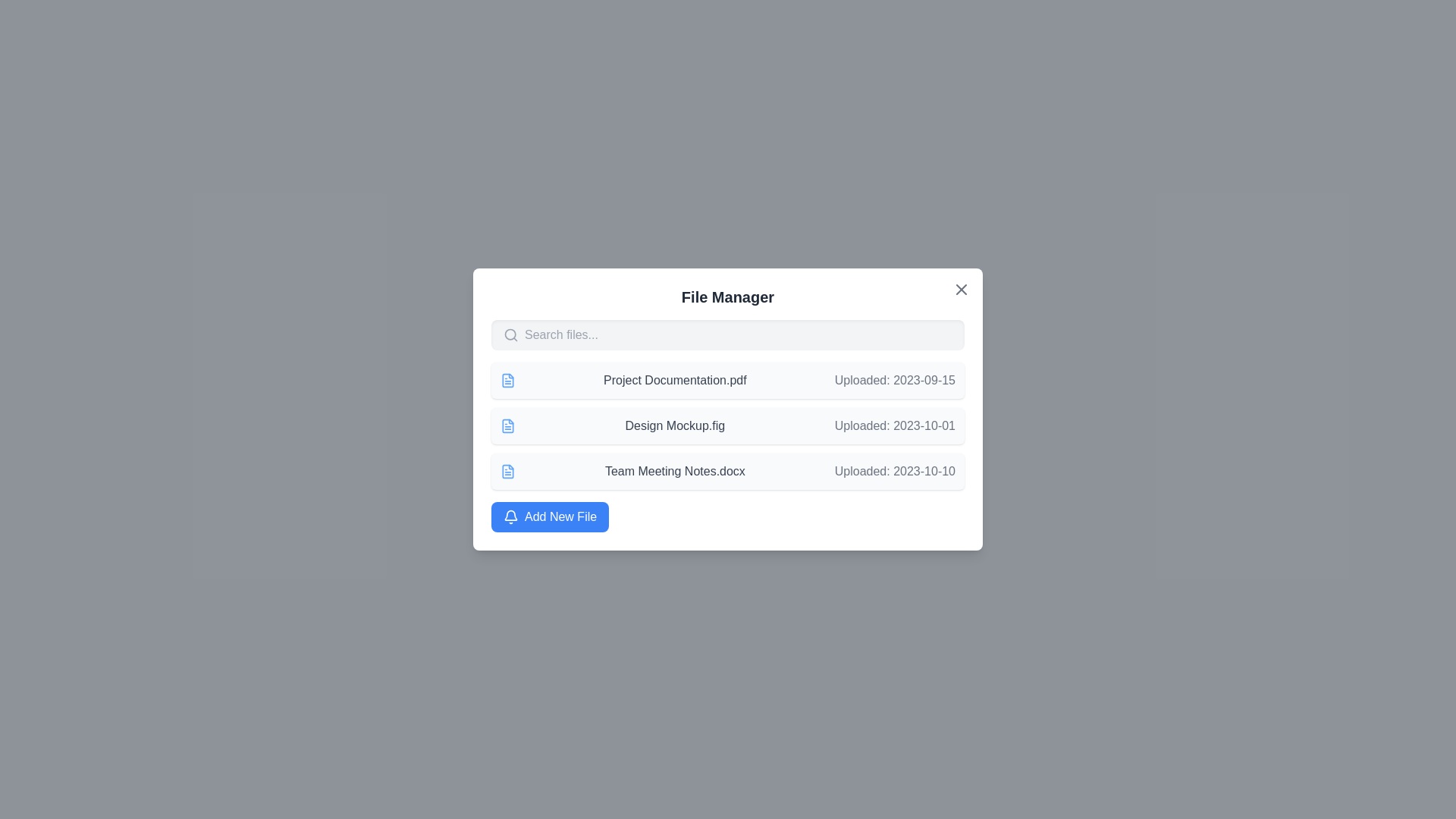  Describe the element at coordinates (728, 334) in the screenshot. I see `the search input field located below the title 'File Manager' in the file manager interface to filter files` at that location.